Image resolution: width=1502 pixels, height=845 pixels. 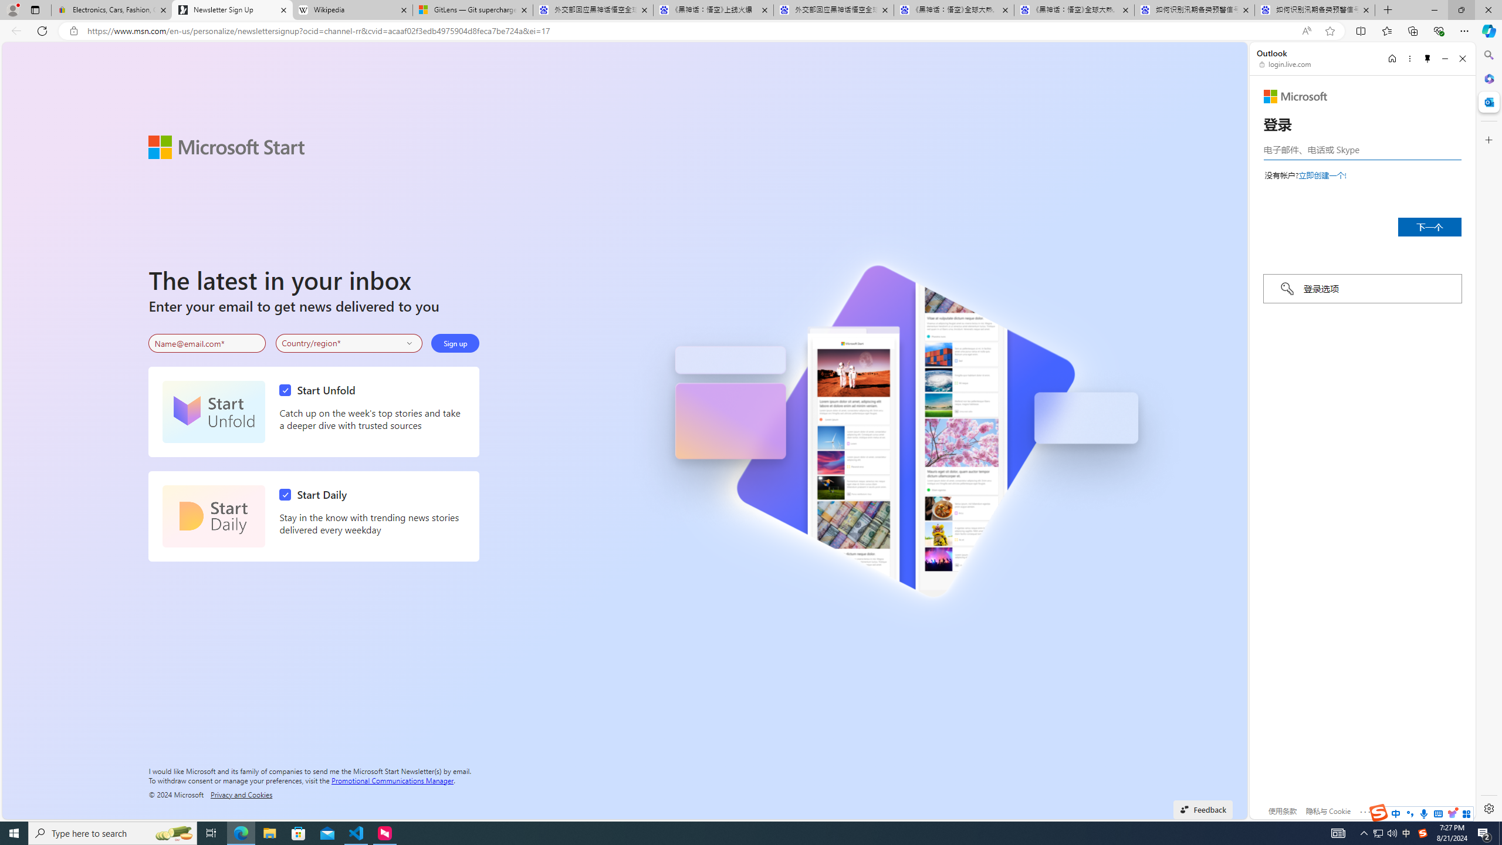 What do you see at coordinates (207, 343) in the screenshot?
I see `'Enter your email'` at bounding box center [207, 343].